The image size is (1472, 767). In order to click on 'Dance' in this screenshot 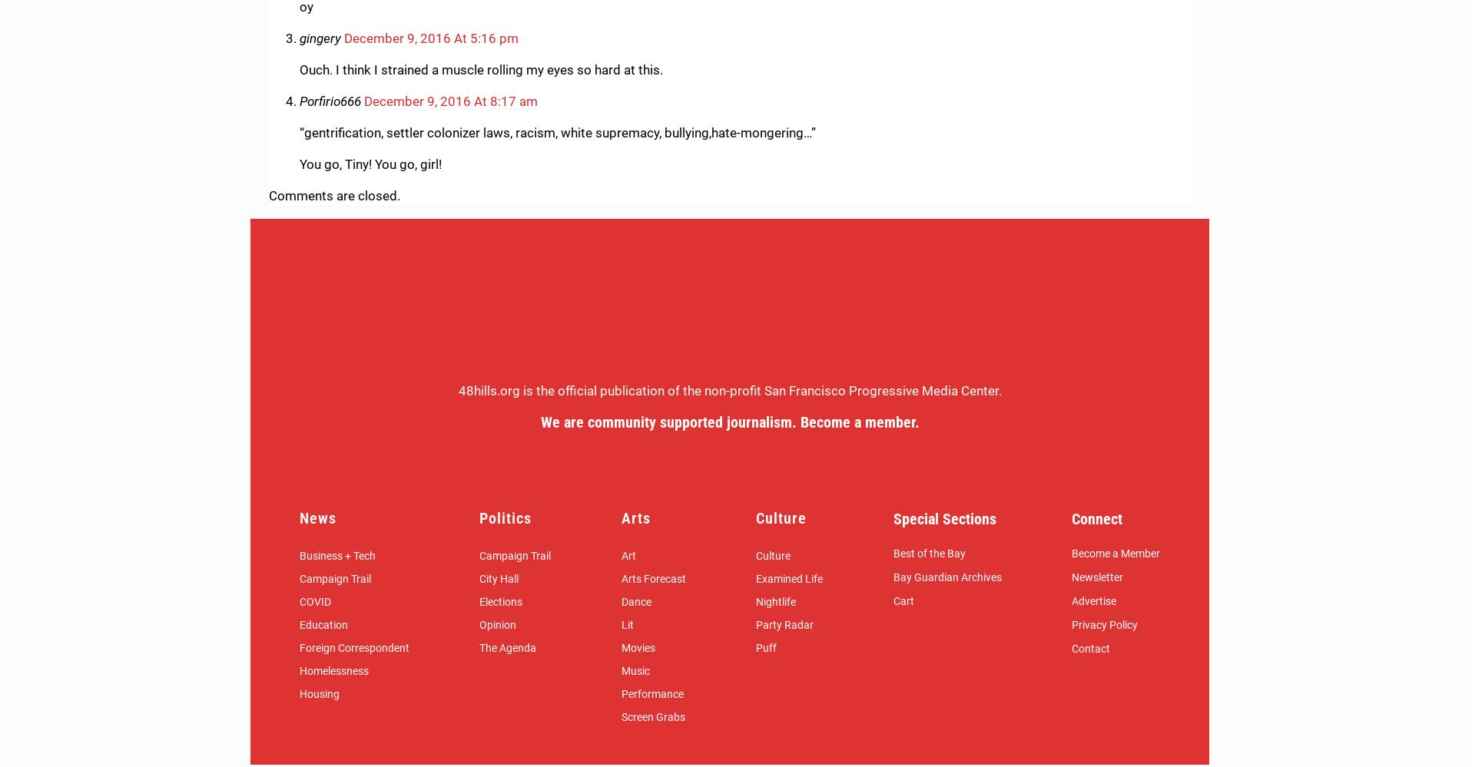, I will do `click(635, 602)`.